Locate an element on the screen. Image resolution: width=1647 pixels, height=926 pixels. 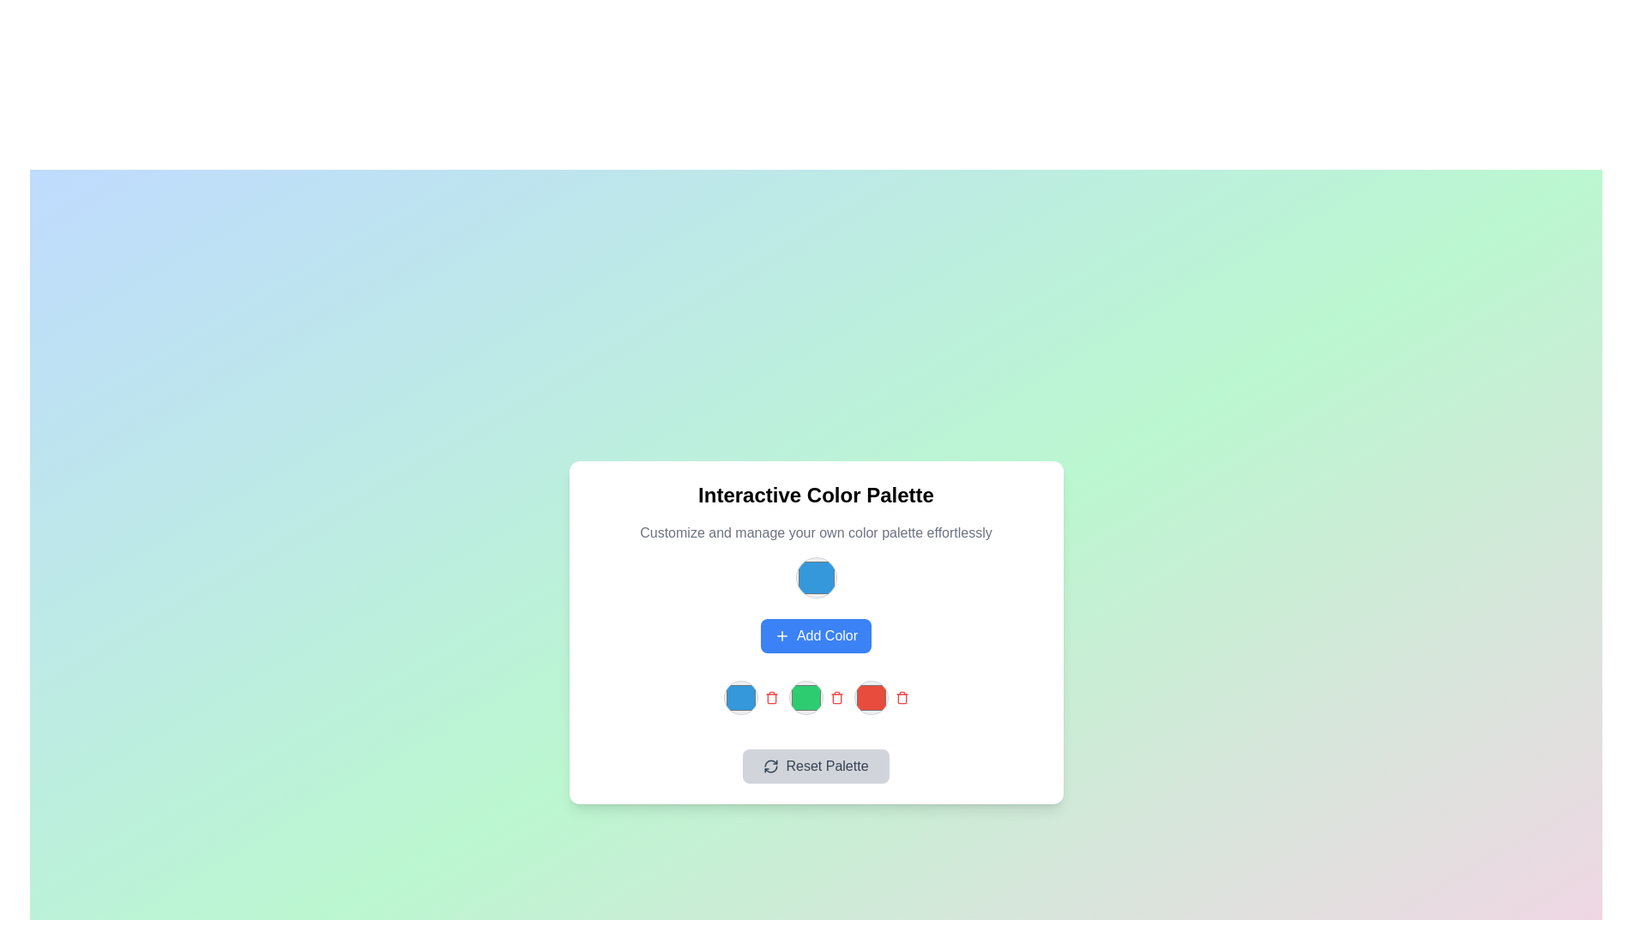
the circular green button with a bordered design, positioned as the second item in a group of three buttons is located at coordinates (805, 697).